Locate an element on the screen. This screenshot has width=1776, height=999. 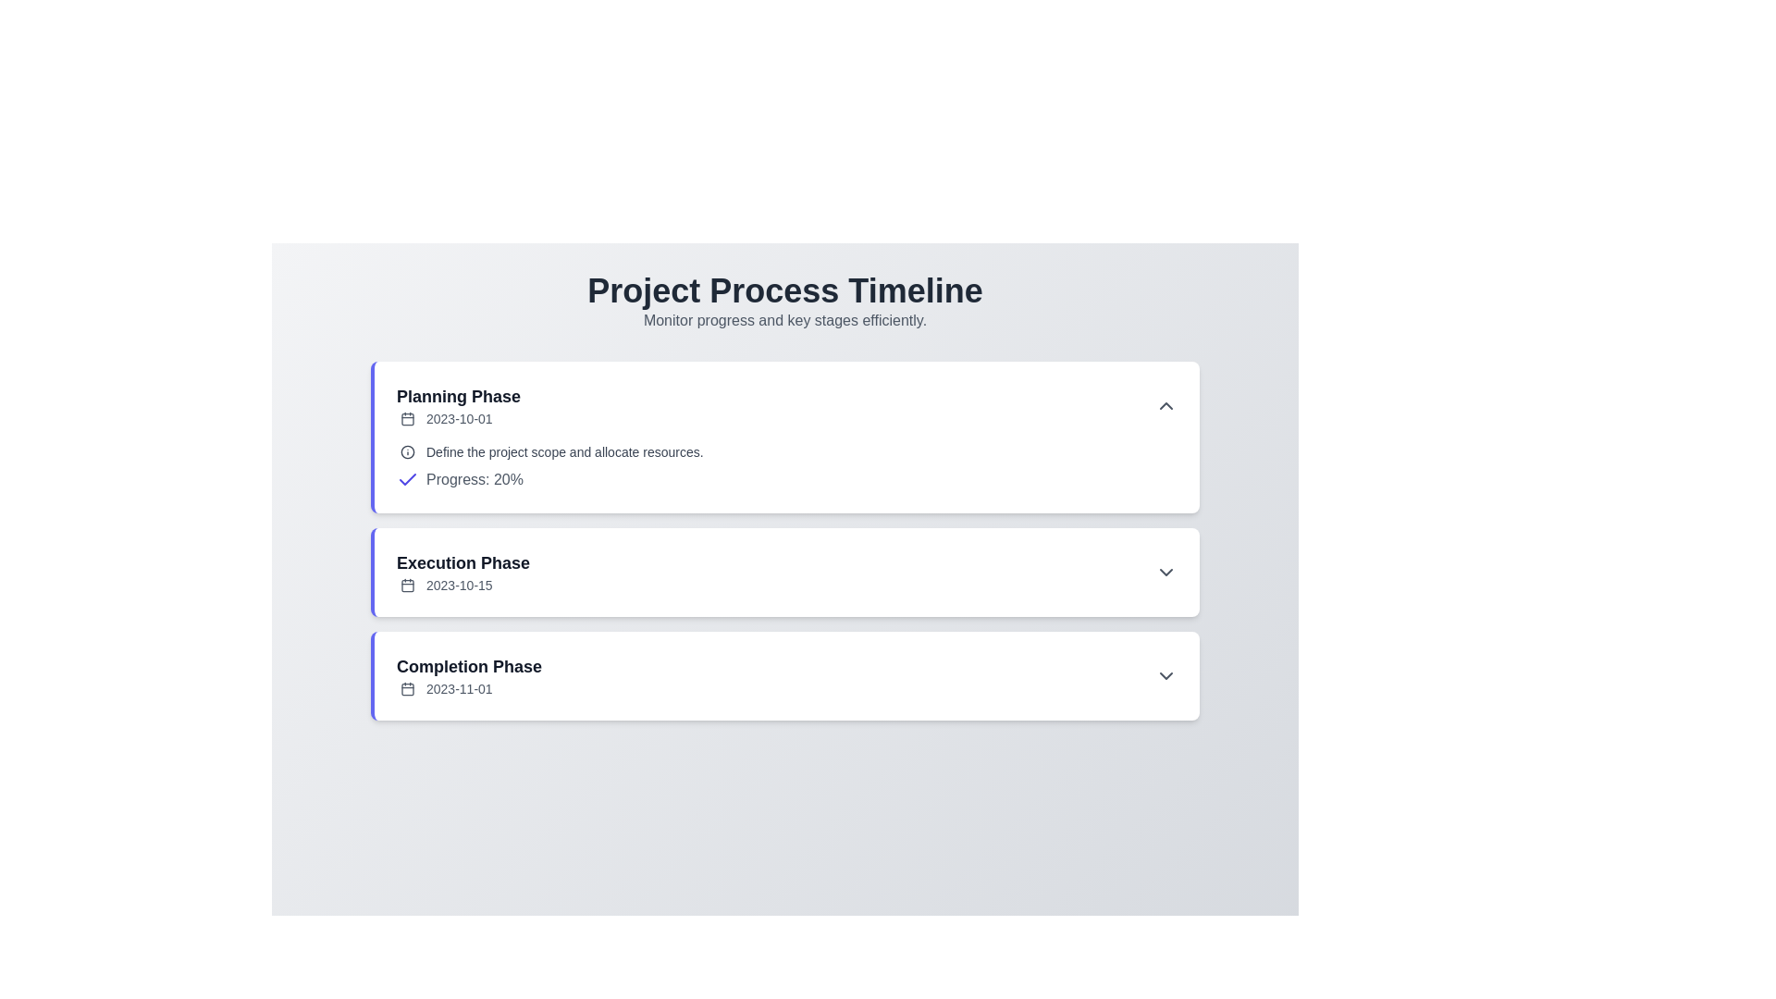
progress information displayed in the gray text label that shows 'Progress: 20%' located within the 'Planning Phase' card interface, positioned below the check icon is located at coordinates (475, 479).